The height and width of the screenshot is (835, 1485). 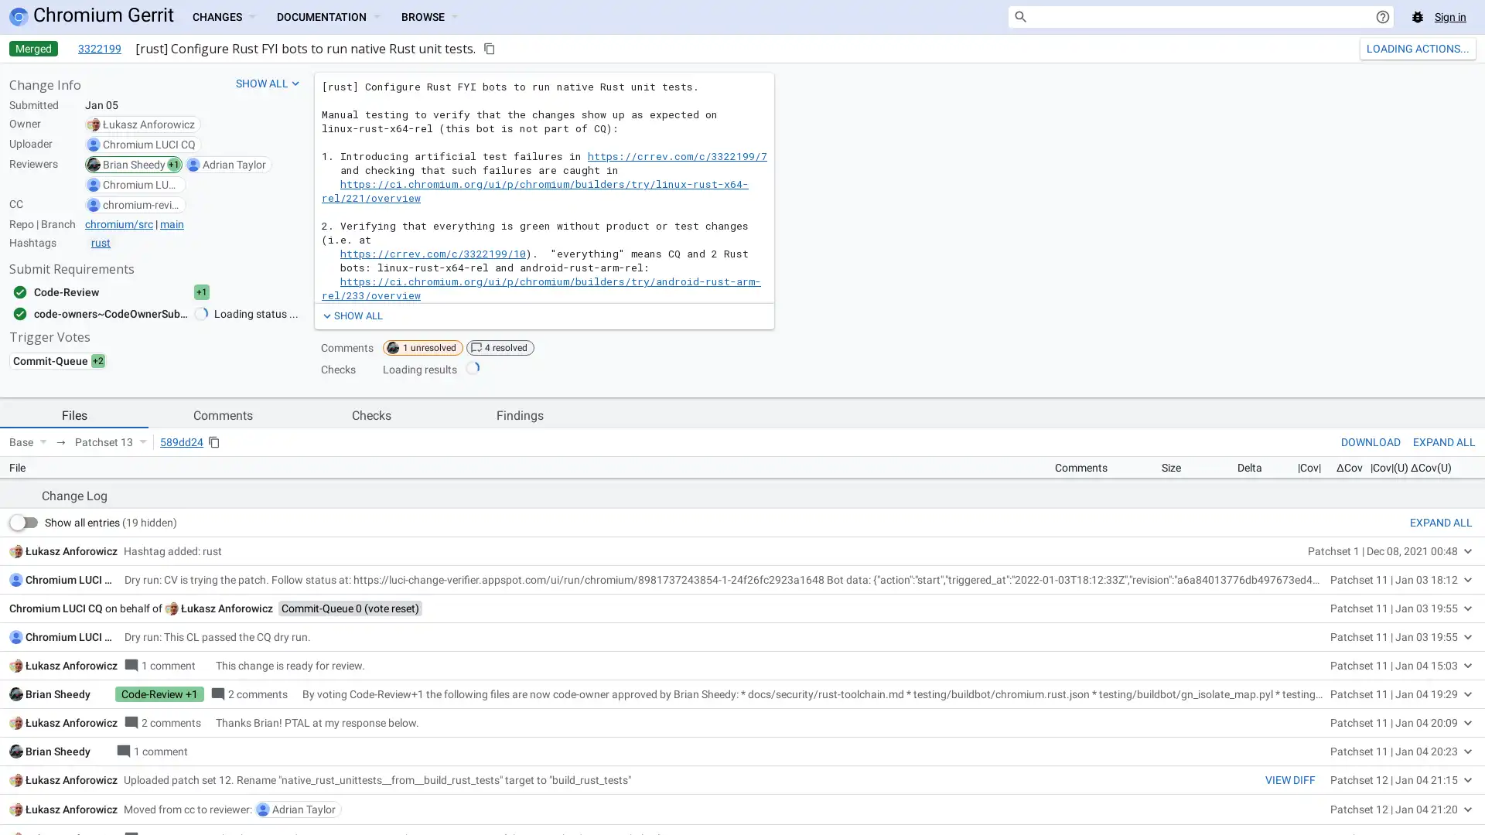 I want to click on DOWNLOAD, so click(x=1371, y=441).